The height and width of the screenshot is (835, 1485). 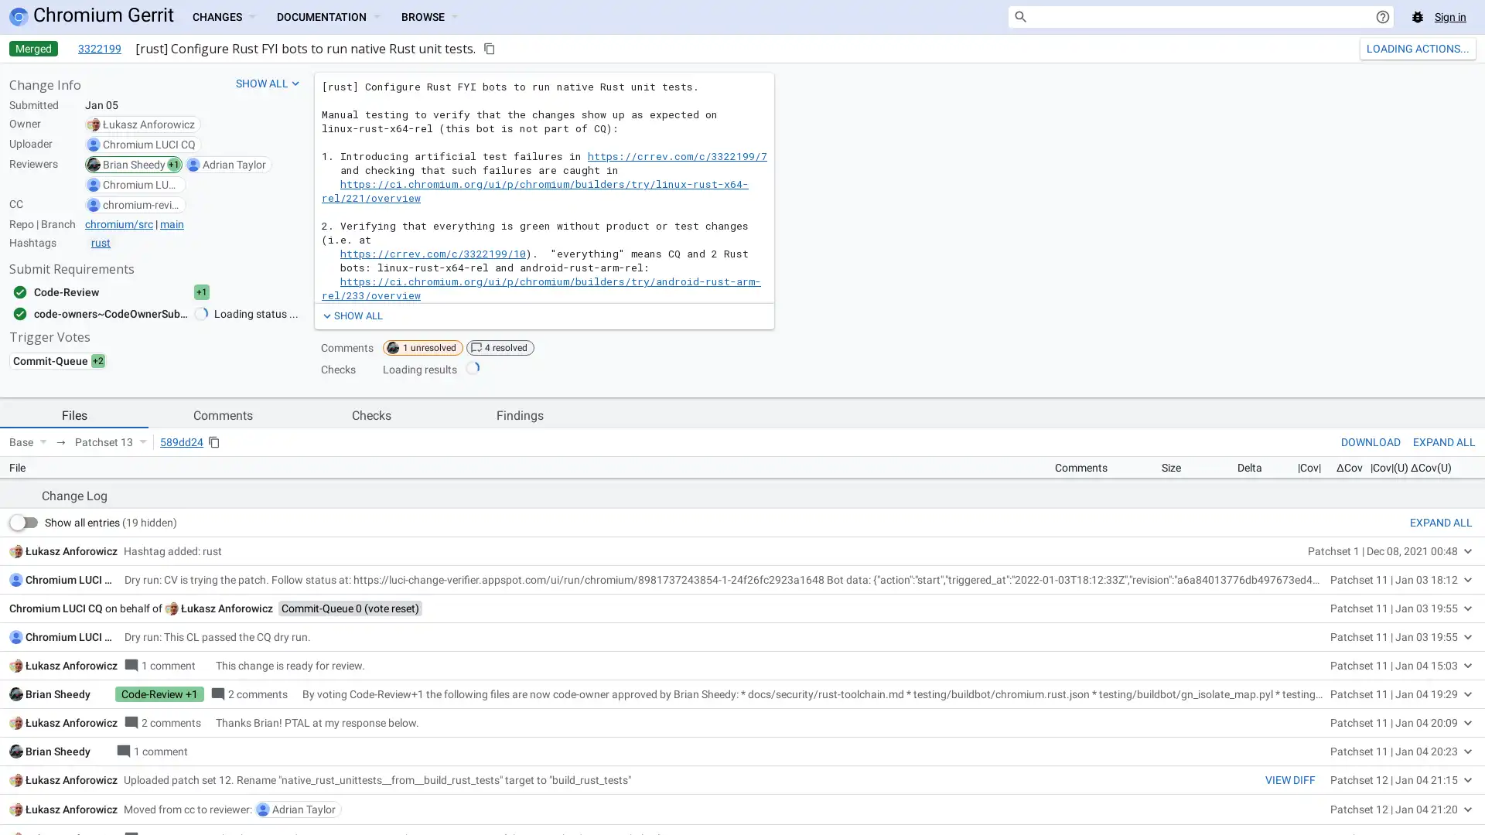 I want to click on DOWNLOAD, so click(x=1371, y=441).